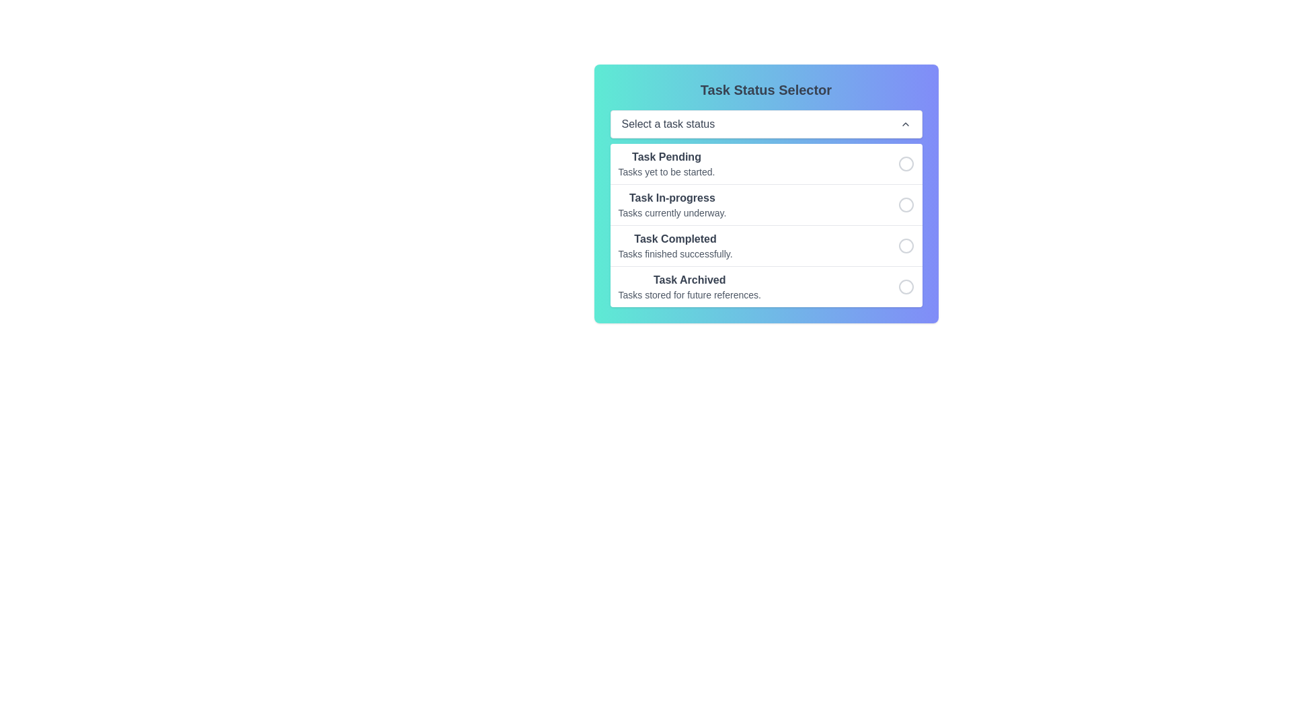  Describe the element at coordinates (675, 246) in the screenshot. I see `the text label indicating 'Task Completed', which is the third item in the task status list, displaying a bold title and a subtitle` at that location.